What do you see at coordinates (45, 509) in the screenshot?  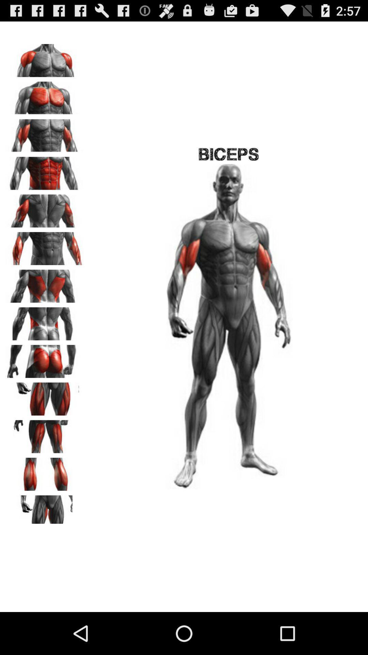 I see `choose option` at bounding box center [45, 509].